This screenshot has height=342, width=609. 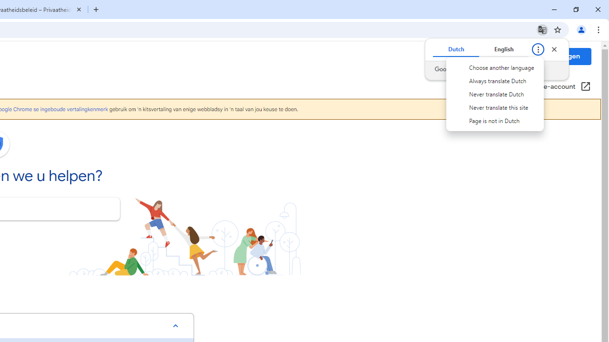 I want to click on 'Translate this page', so click(x=542, y=29).